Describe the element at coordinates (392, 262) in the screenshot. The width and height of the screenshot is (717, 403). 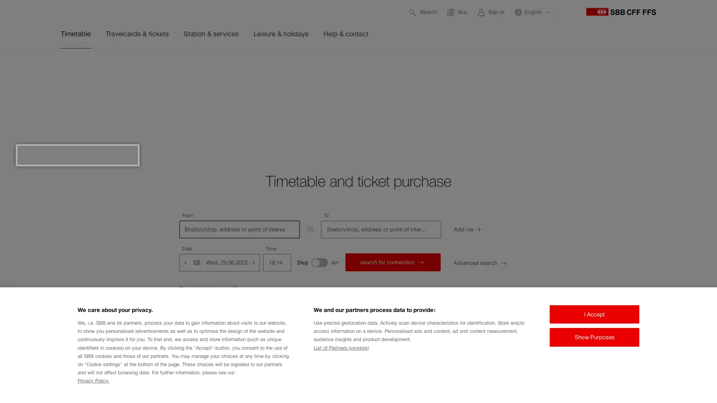
I see `search for connection` at that location.